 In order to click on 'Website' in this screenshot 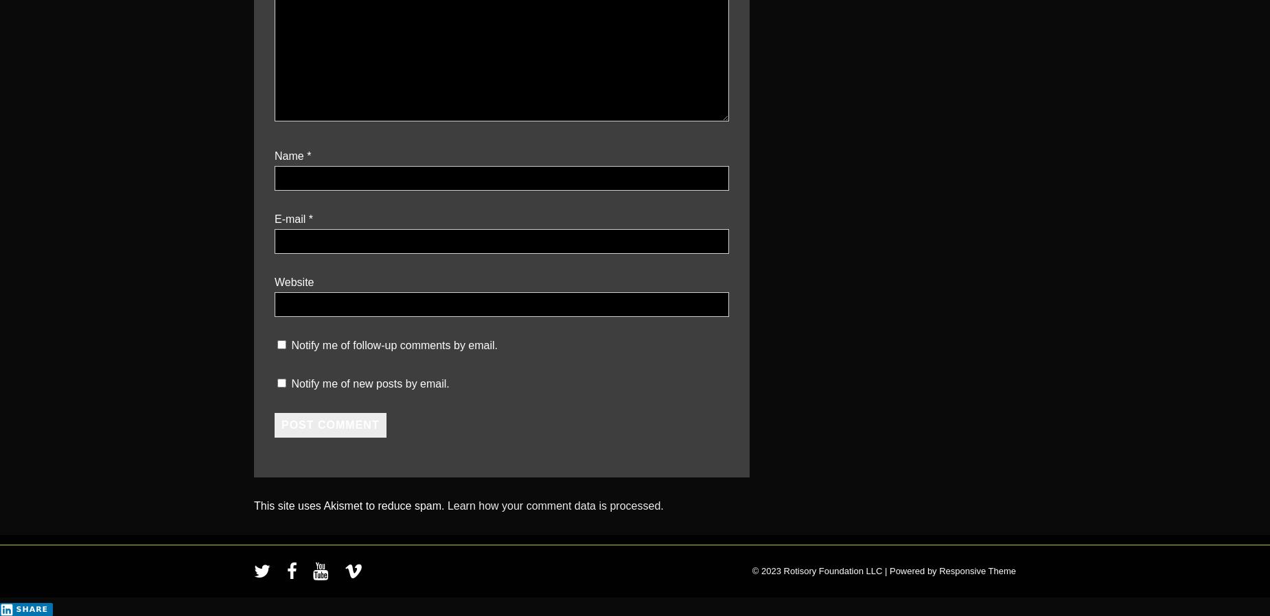, I will do `click(293, 281)`.